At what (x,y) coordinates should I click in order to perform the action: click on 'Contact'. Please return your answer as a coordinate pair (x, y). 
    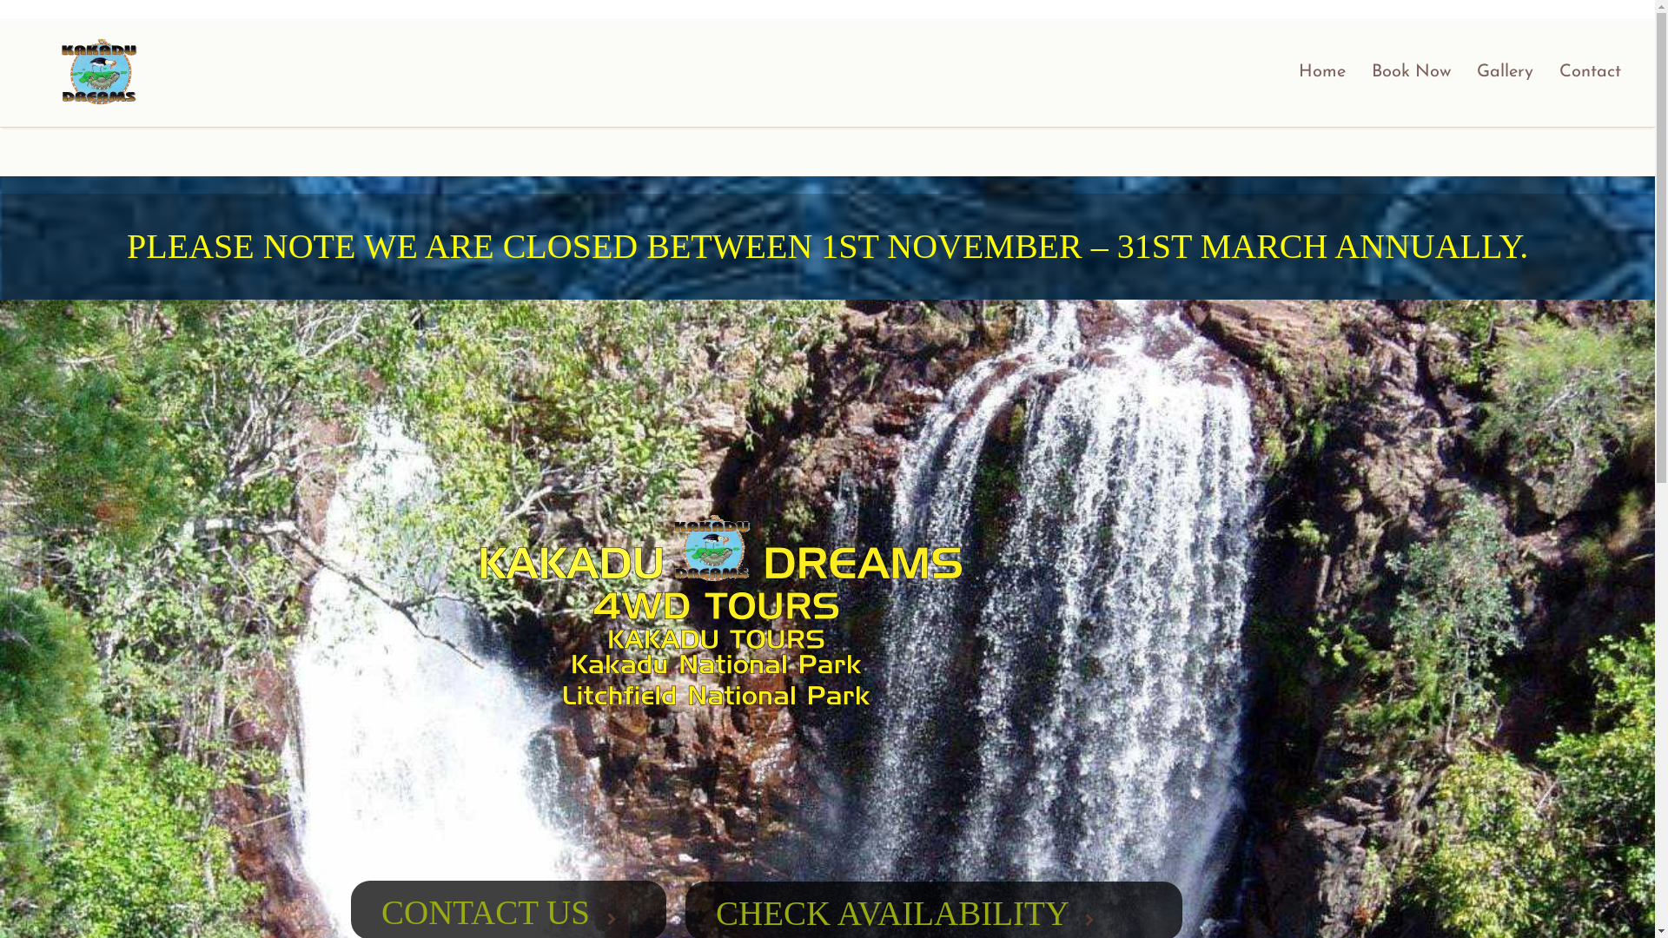
    Looking at the image, I should click on (1590, 71).